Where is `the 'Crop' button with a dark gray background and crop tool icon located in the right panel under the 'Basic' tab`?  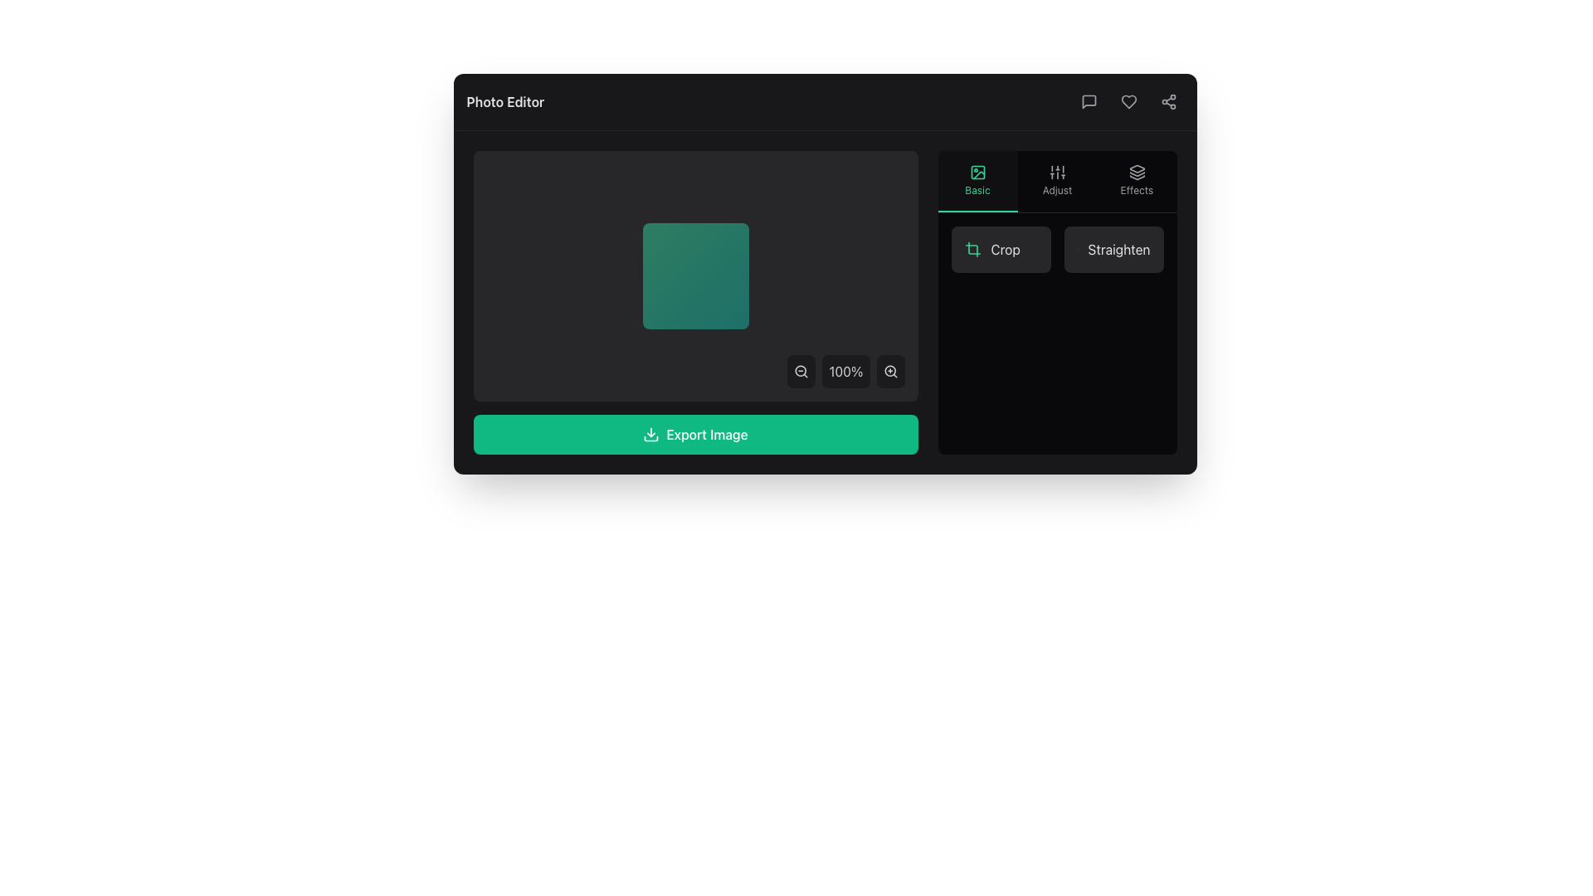 the 'Crop' button with a dark gray background and crop tool icon located in the right panel under the 'Basic' tab is located at coordinates (1000, 249).